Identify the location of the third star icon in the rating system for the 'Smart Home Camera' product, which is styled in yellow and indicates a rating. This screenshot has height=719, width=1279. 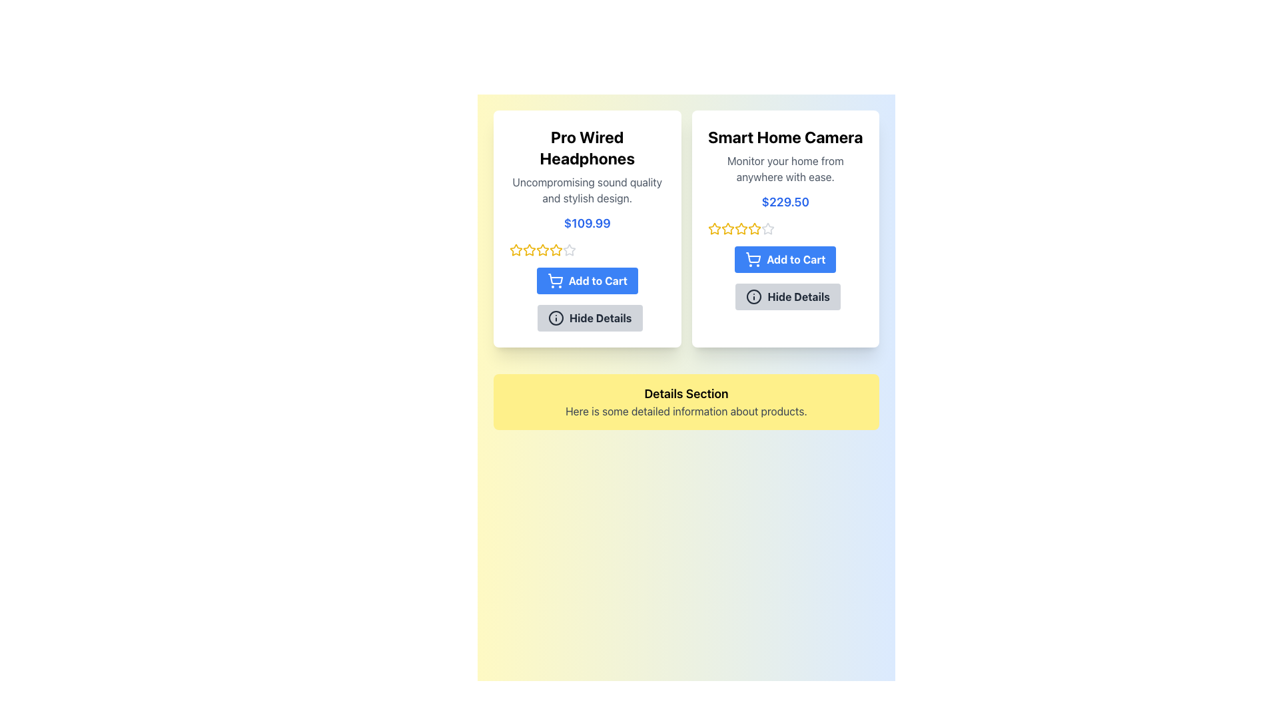
(754, 228).